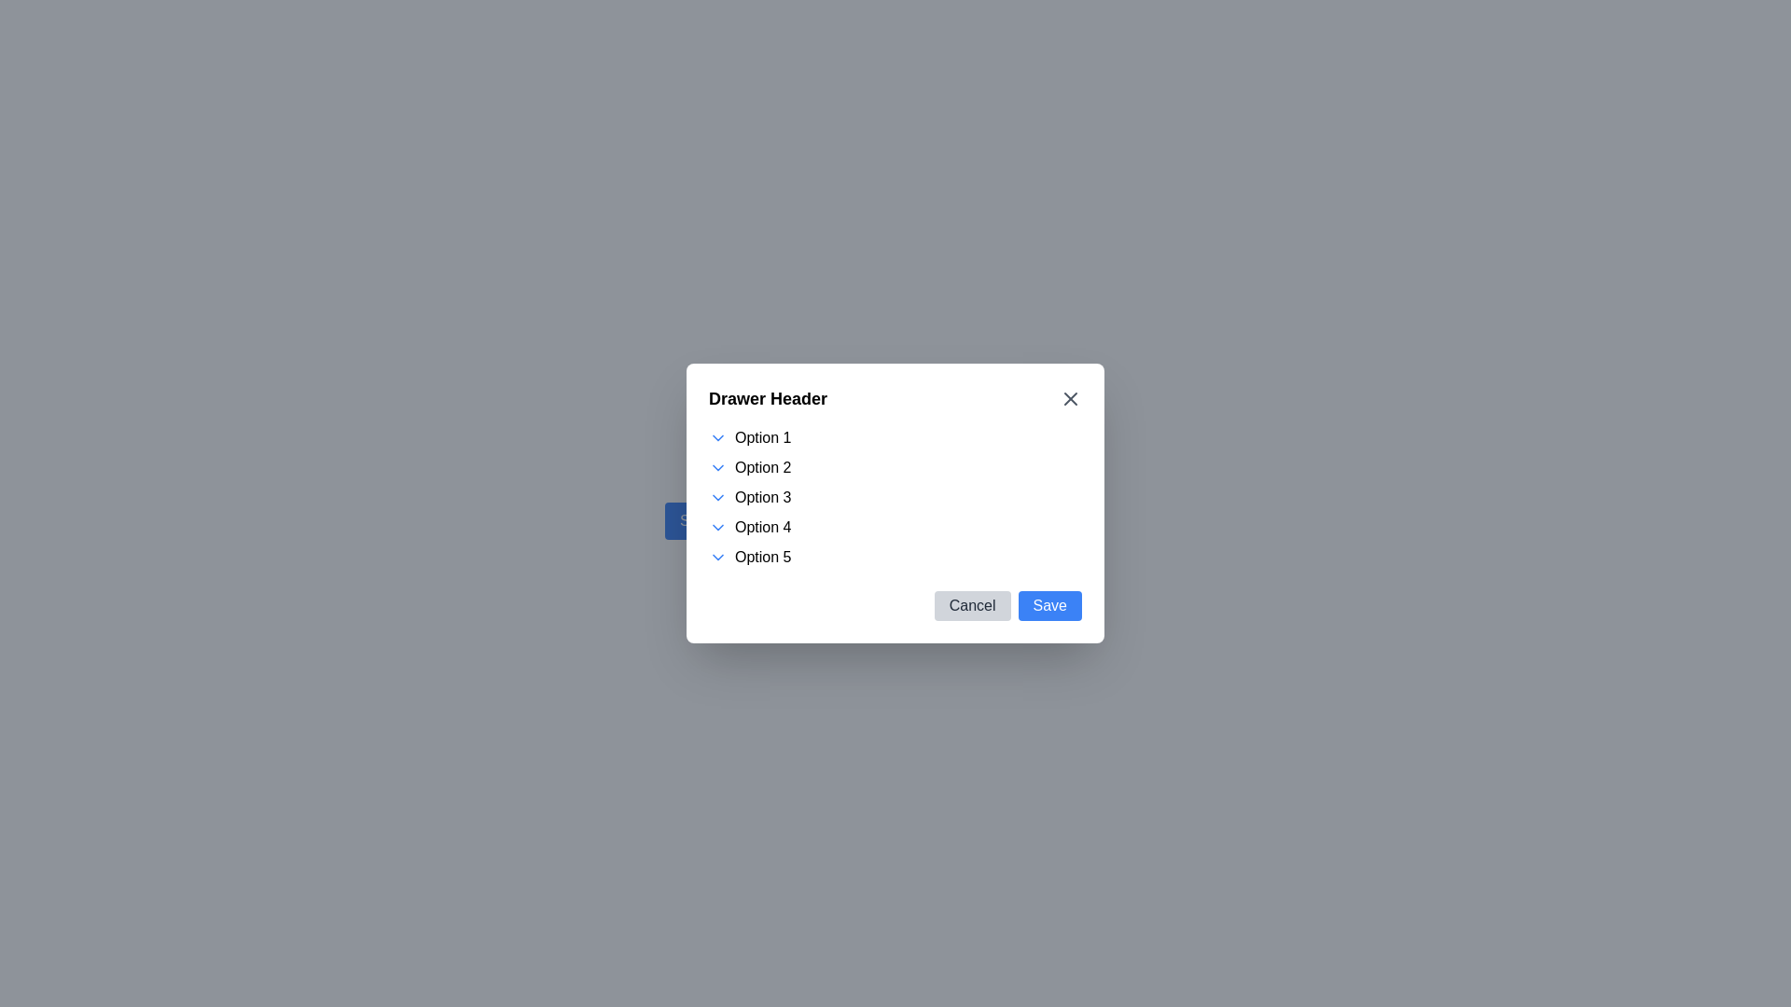 The image size is (1791, 1007). Describe the element at coordinates (716, 528) in the screenshot. I see `the collapsible state indicator icon located inside the 'Drawer Header' dialog box, adjacent to 'Option 4'` at that location.